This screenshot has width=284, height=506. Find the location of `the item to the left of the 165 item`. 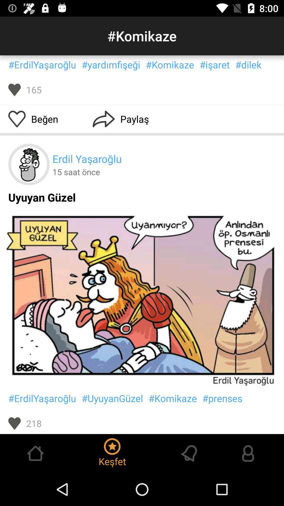

the item to the left of the 165 item is located at coordinates (14, 90).